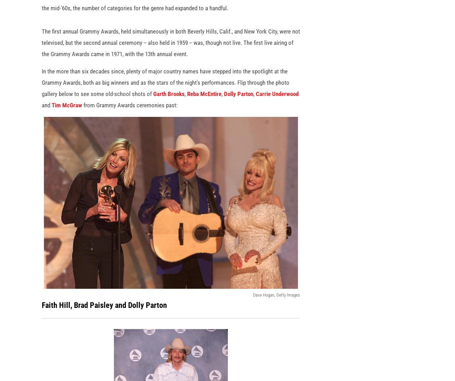 The height and width of the screenshot is (381, 455). What do you see at coordinates (129, 116) in the screenshot?
I see `'from Grammy Awards ceremonies past:'` at bounding box center [129, 116].